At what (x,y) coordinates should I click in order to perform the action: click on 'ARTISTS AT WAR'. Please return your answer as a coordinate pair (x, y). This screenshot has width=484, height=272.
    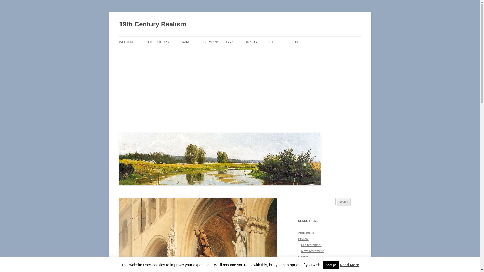
    Looking at the image, I should click on (171, 53).